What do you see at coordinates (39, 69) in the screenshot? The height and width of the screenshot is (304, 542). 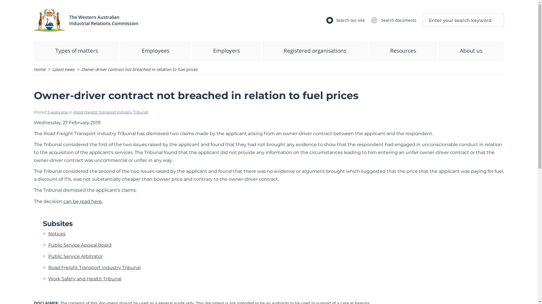 I see `'Home'` at bounding box center [39, 69].